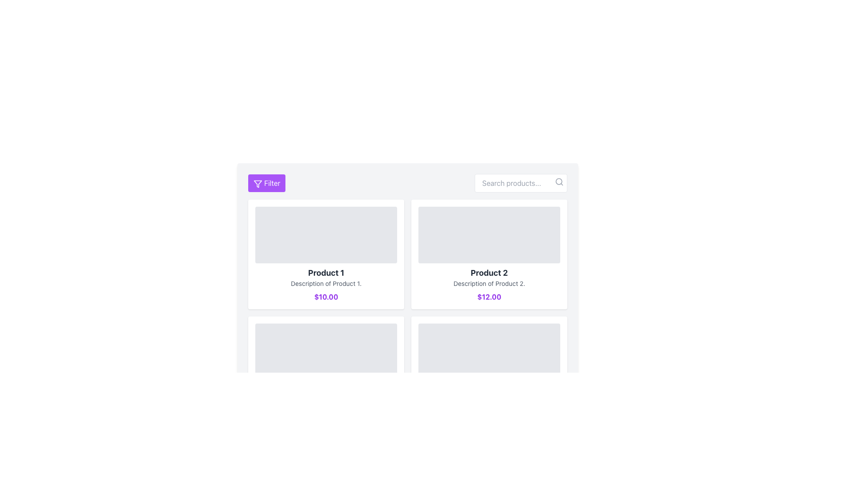 This screenshot has width=851, height=478. I want to click on the descriptive text label providing details about 'Product 2', located below the title and above the price '$12.00' in the second product card of the grid, so click(489, 283).